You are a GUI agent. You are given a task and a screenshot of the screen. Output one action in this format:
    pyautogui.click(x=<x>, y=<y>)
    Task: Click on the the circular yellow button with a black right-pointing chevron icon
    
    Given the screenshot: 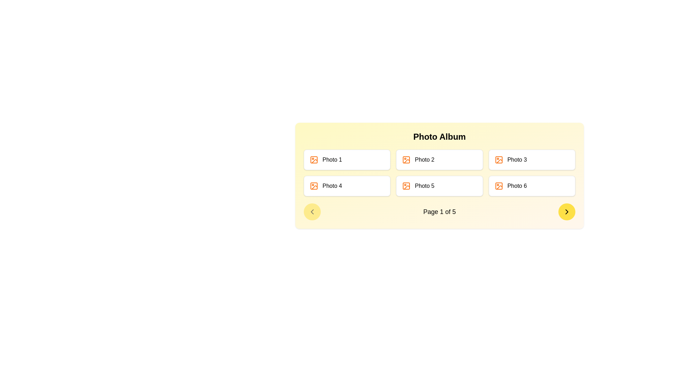 What is the action you would take?
    pyautogui.click(x=567, y=211)
    